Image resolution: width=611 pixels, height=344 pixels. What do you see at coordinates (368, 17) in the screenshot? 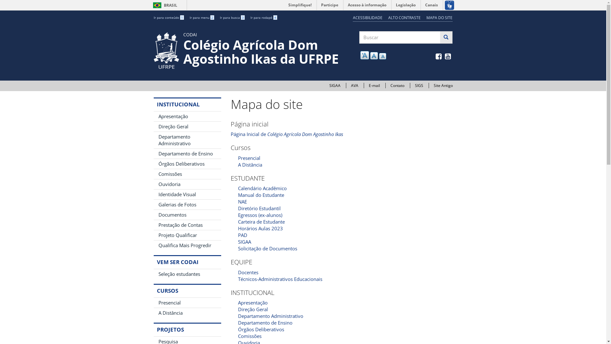
I see `'ACESSIBILIDADE'` at bounding box center [368, 17].